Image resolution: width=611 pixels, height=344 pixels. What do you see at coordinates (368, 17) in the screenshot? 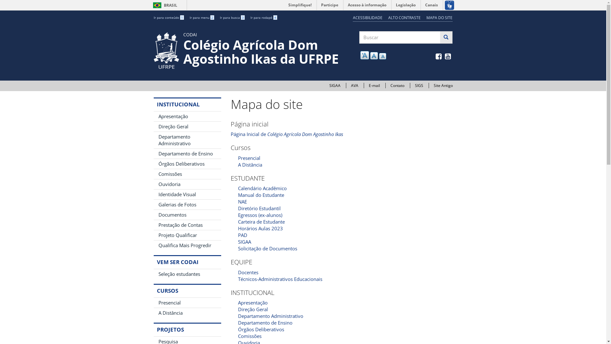
I see `'ACESSIBILIDADE'` at bounding box center [368, 17].